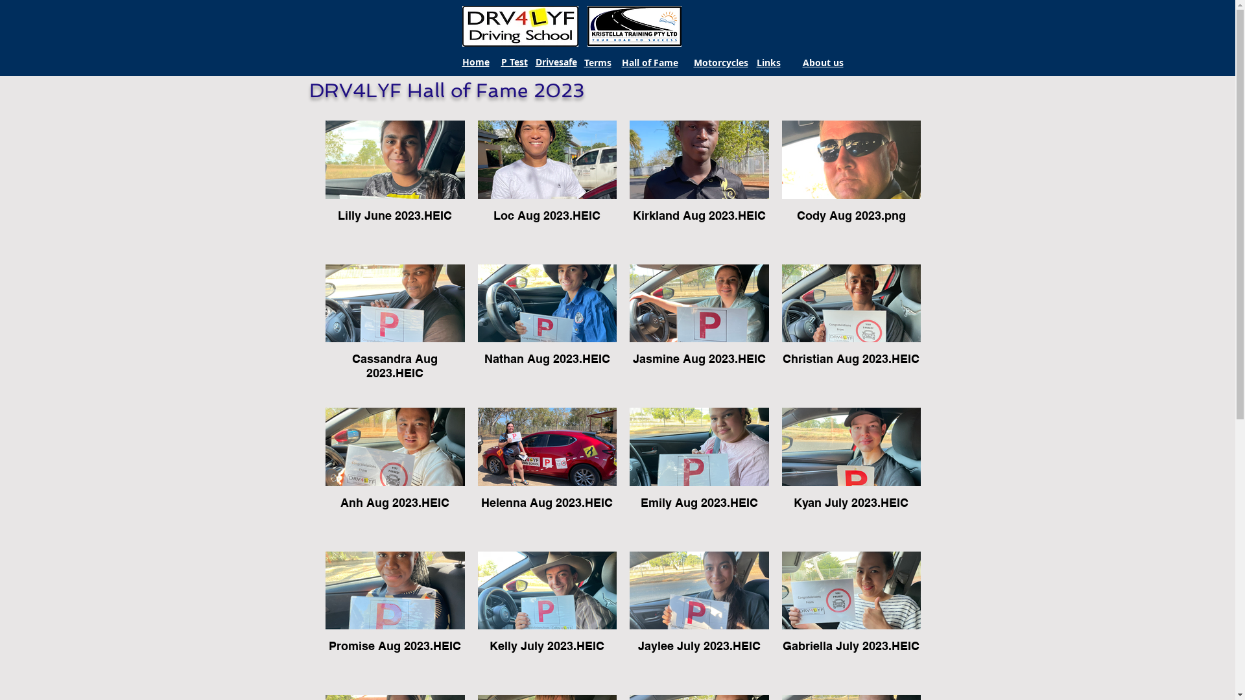  What do you see at coordinates (583, 62) in the screenshot?
I see `'Terms'` at bounding box center [583, 62].